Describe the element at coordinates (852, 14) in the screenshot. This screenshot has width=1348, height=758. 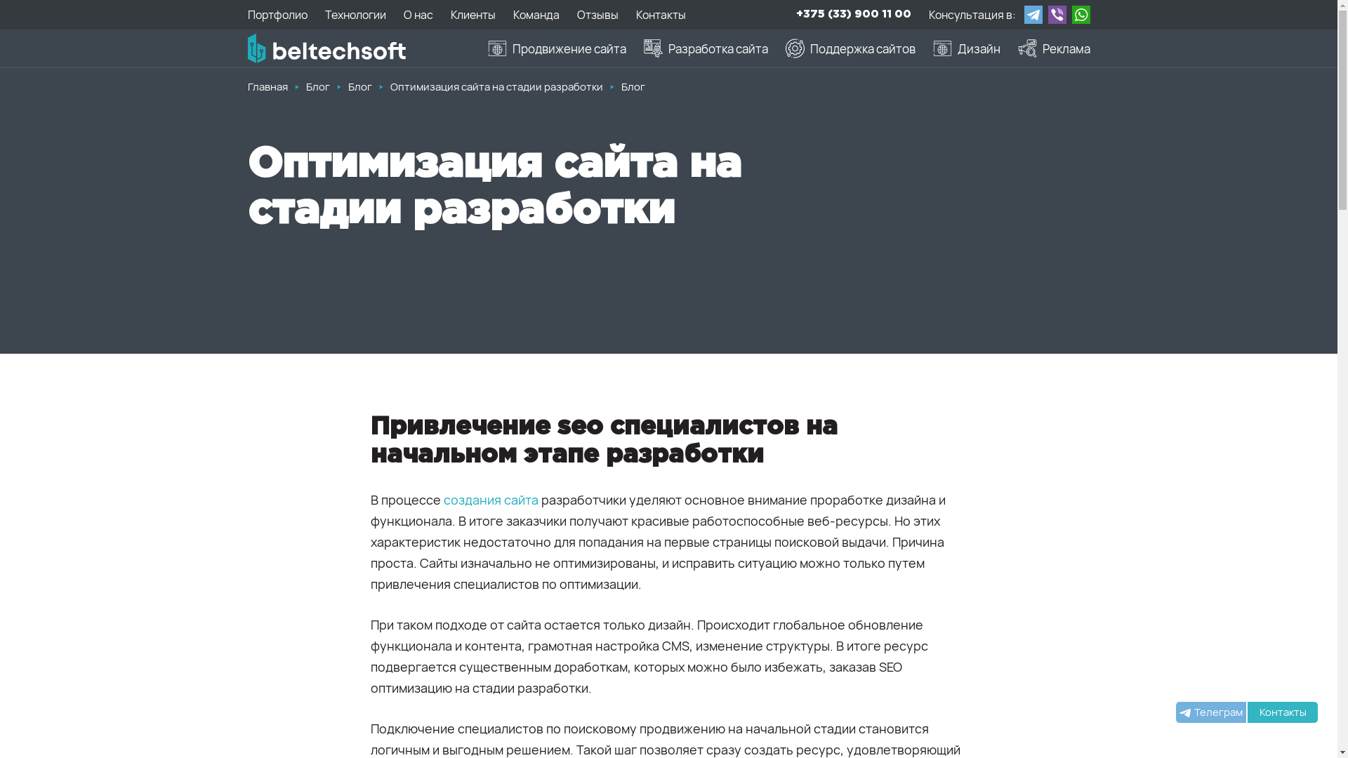
I see `'+375 (33) 900 11 00'` at that location.